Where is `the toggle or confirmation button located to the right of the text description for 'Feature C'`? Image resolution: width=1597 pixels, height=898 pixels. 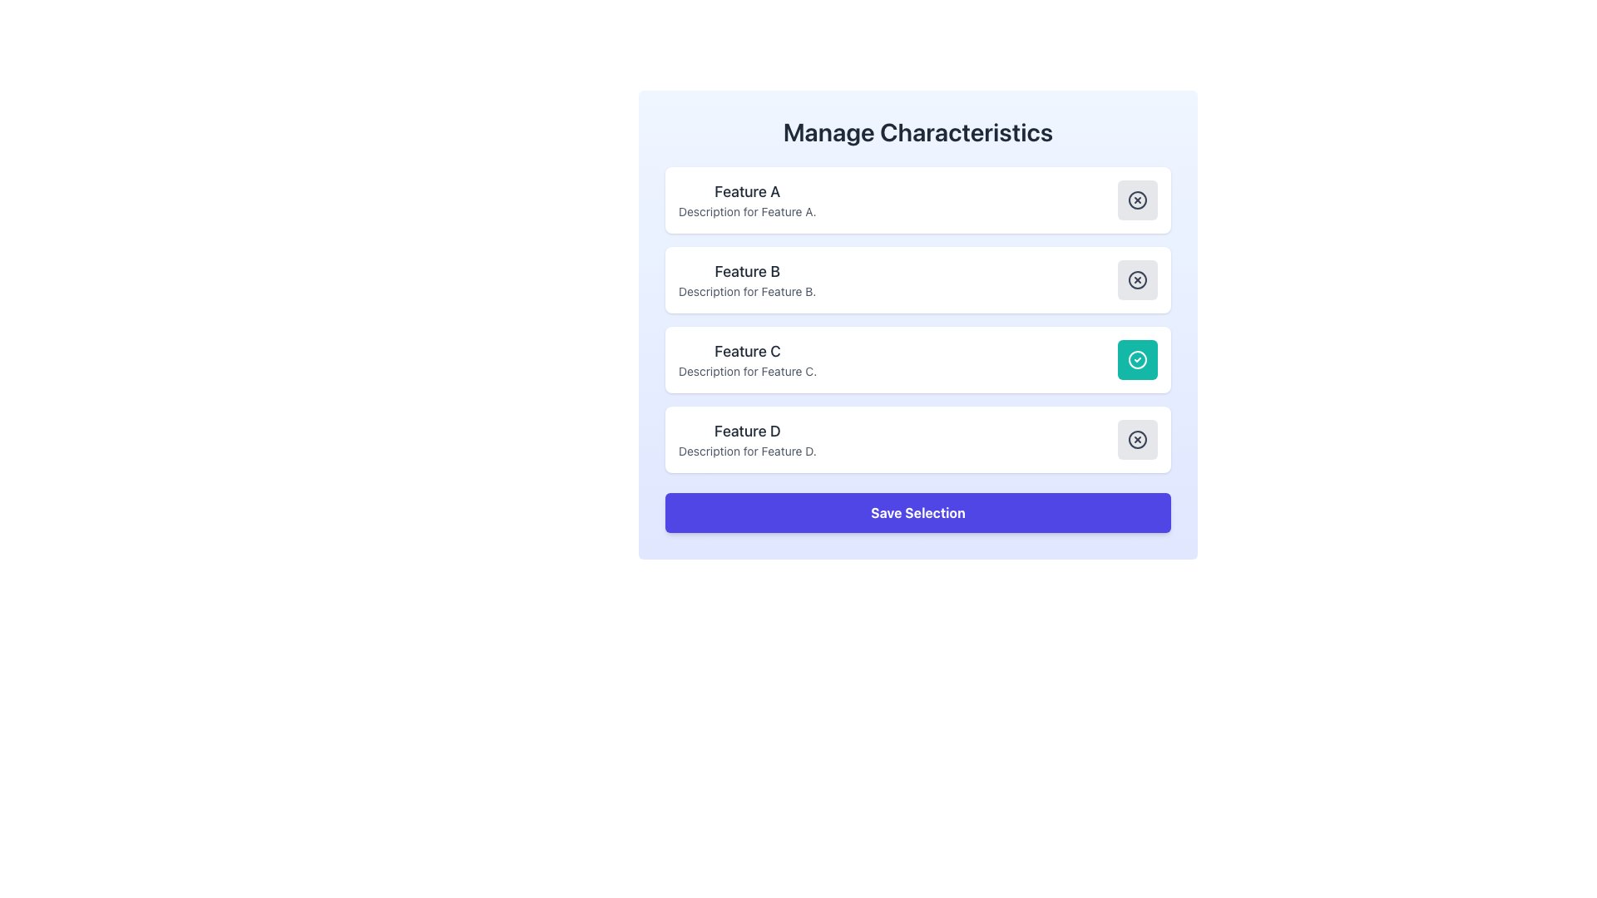
the toggle or confirmation button located to the right of the text description for 'Feature C' is located at coordinates (1137, 358).